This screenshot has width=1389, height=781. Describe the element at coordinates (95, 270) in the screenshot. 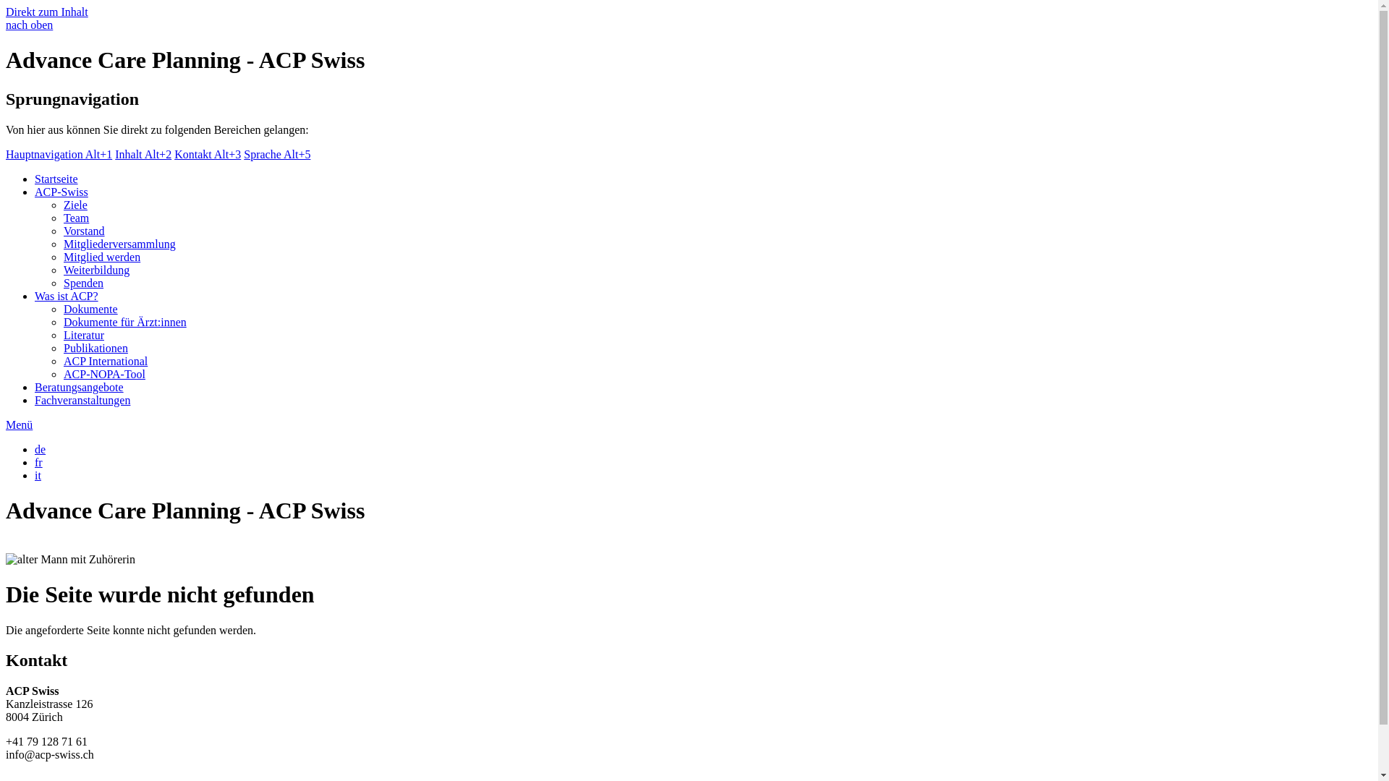

I see `'Weiterbildung'` at that location.